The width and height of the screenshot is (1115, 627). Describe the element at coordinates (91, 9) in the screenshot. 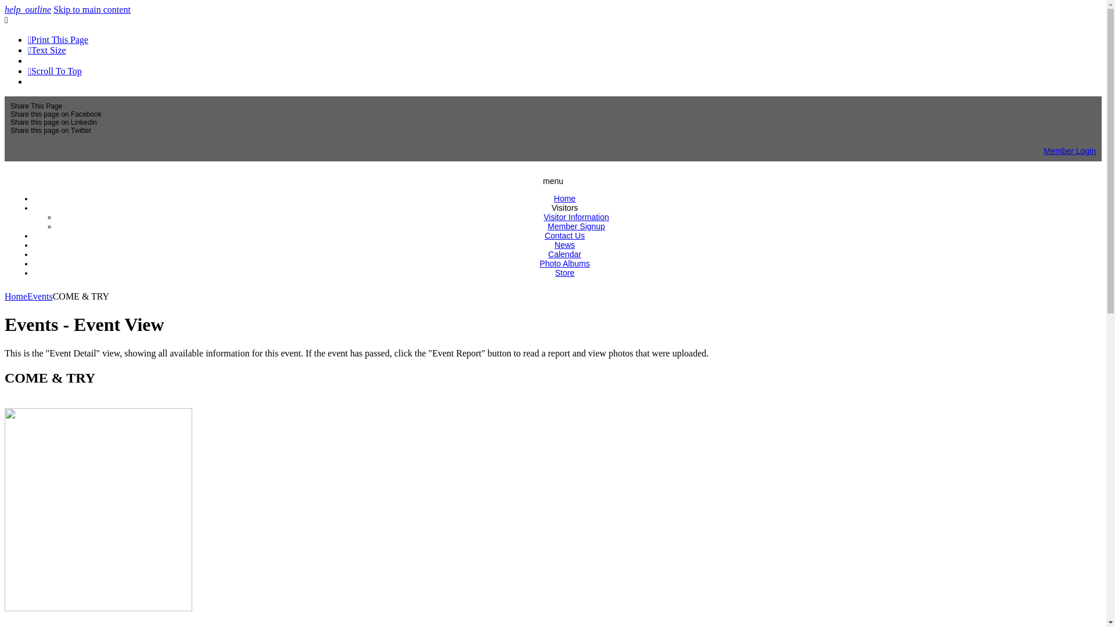

I see `'Skip to main content'` at that location.